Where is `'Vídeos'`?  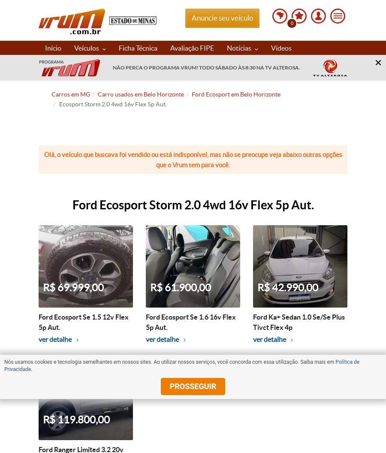 'Vídeos' is located at coordinates (281, 47).